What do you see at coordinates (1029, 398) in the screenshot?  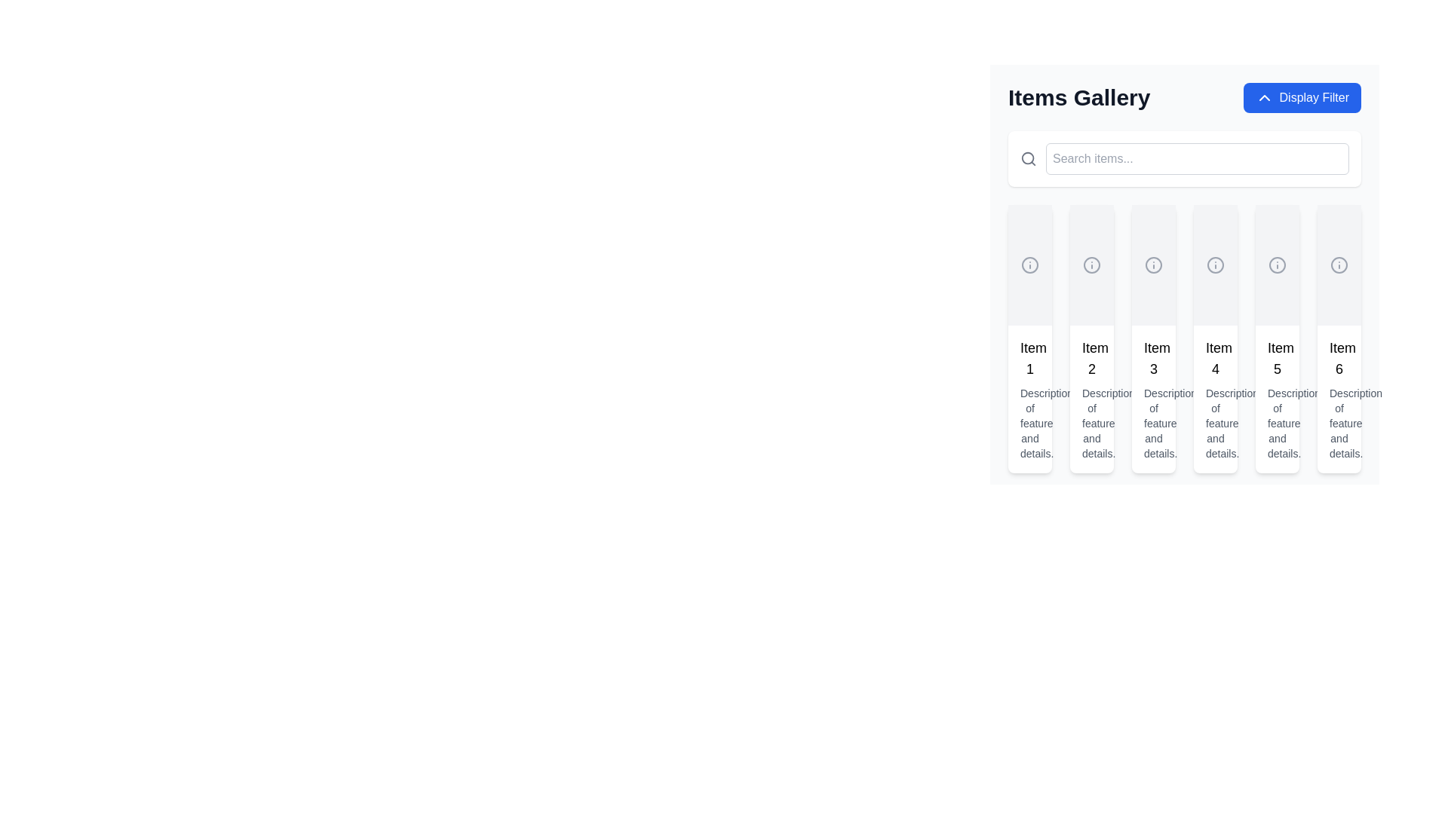 I see `the text from the 'Item 1' text block, which is the first element in the vertical layout of the grid` at bounding box center [1029, 398].